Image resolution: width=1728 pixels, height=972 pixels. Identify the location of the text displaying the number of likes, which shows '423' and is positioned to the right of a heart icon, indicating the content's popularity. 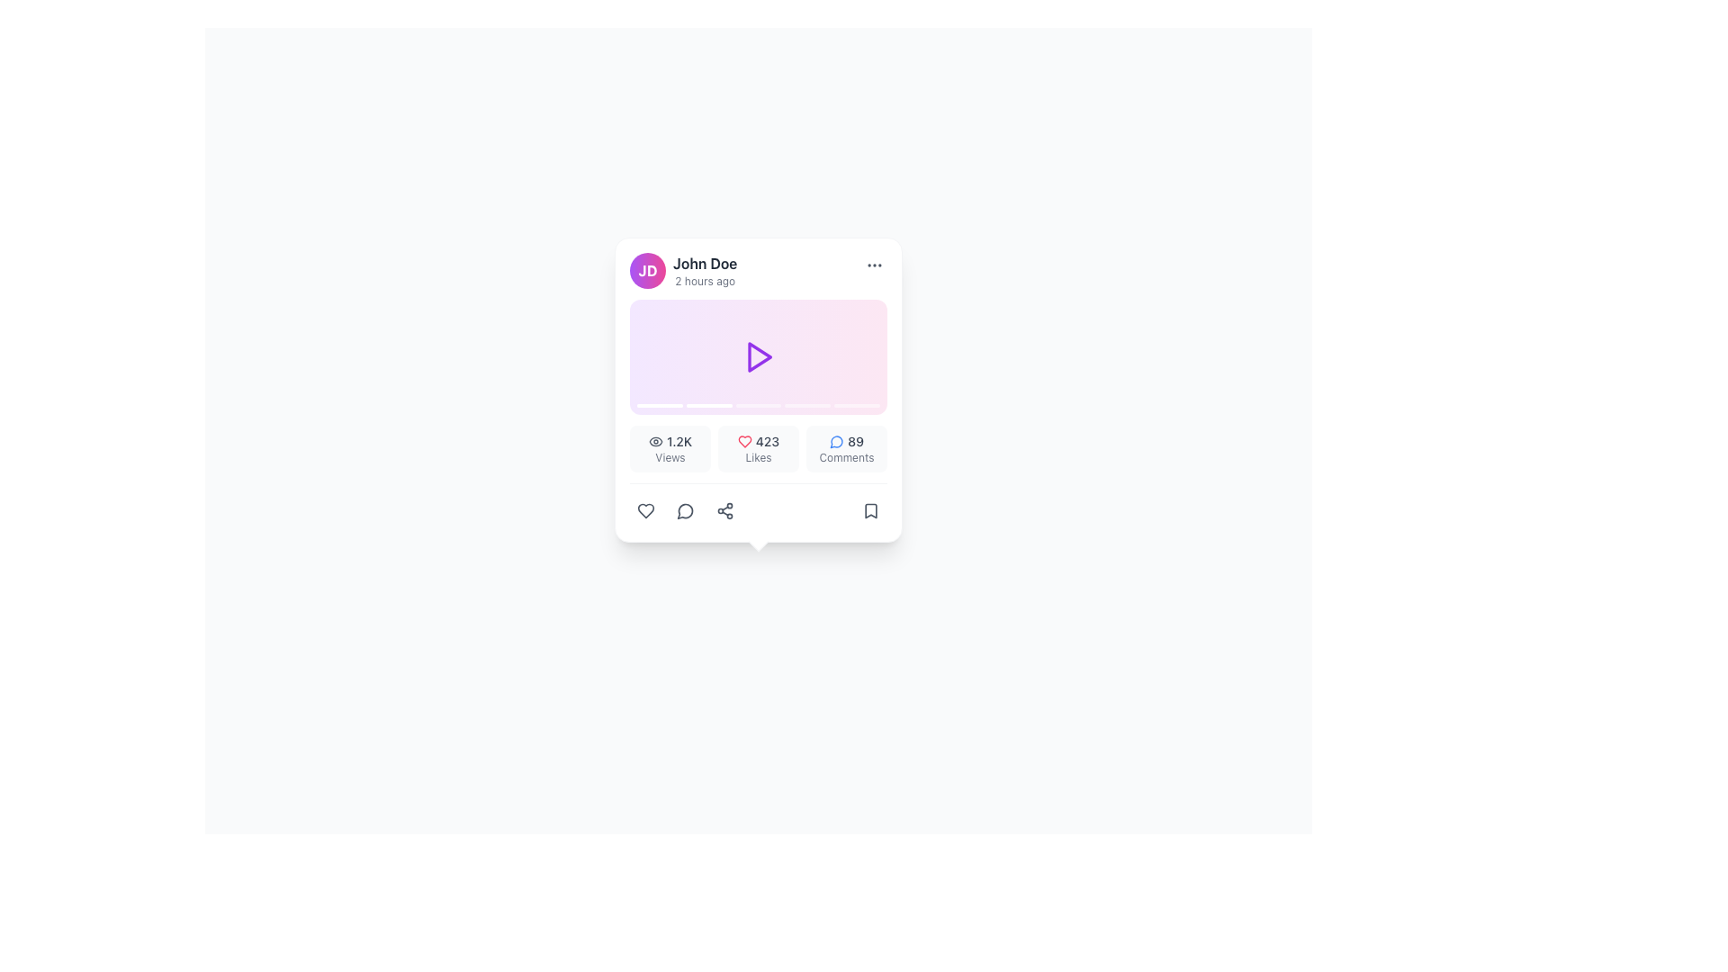
(768, 441).